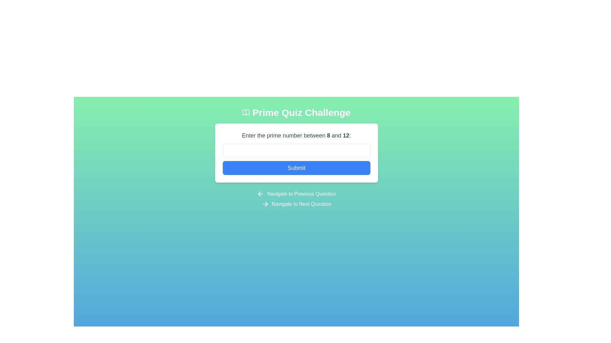 The image size is (611, 343). What do you see at coordinates (265, 204) in the screenshot?
I see `the forward arrow icon with a thin outline, pointing right, located near the bottom-center of the interface, to the left of the text 'Navigate to Next Question'` at bounding box center [265, 204].